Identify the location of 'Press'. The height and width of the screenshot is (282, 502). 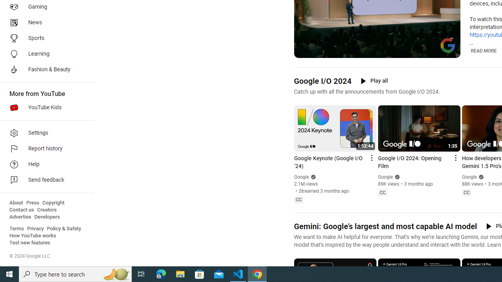
(32, 202).